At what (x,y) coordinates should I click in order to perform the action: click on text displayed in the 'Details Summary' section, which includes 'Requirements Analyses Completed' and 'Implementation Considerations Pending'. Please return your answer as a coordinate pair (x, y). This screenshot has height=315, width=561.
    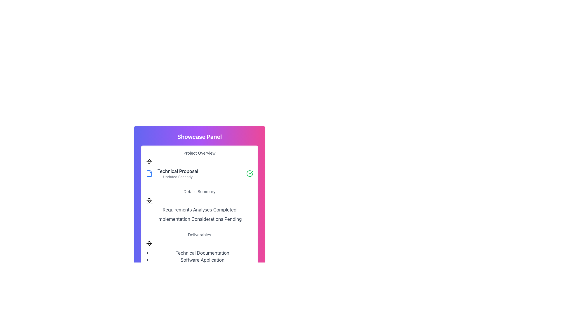
    Looking at the image, I should click on (199, 205).